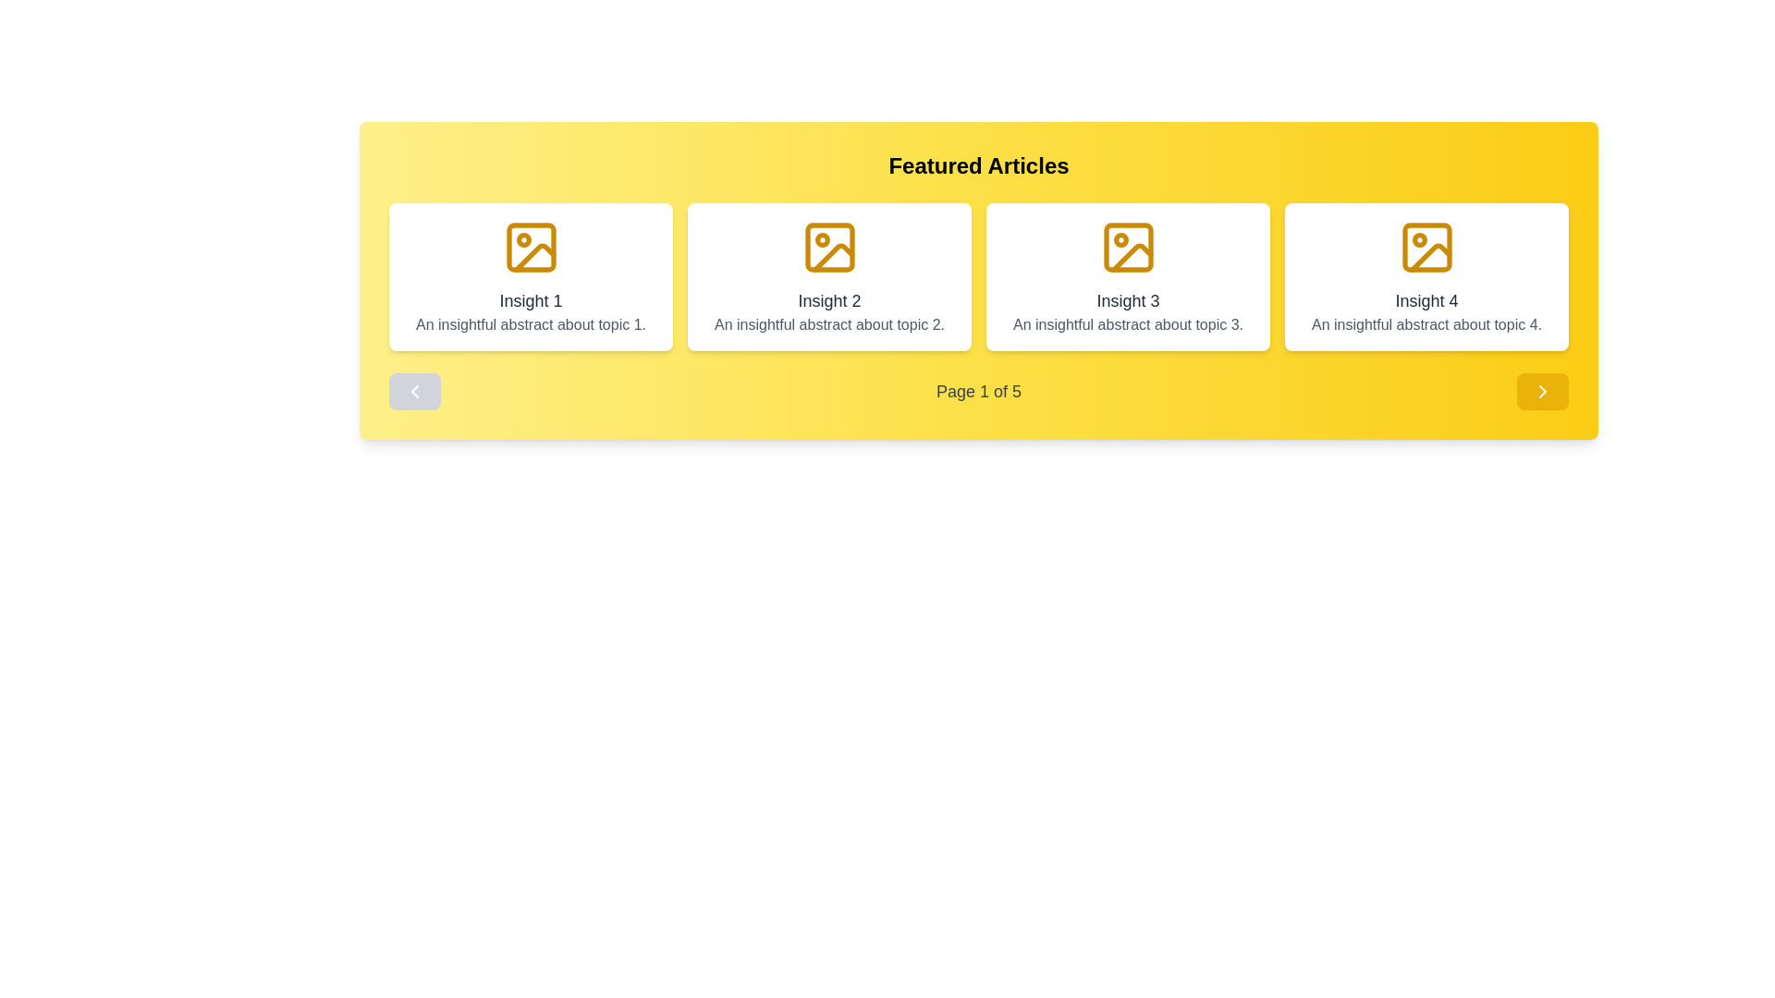 Image resolution: width=1775 pixels, height=998 pixels. I want to click on the graphical icon subcomponent resembling a vector-drawn image in golden yellow located at the top-center of the 'Insight 2' card to trigger tooltip effects, so click(832, 258).